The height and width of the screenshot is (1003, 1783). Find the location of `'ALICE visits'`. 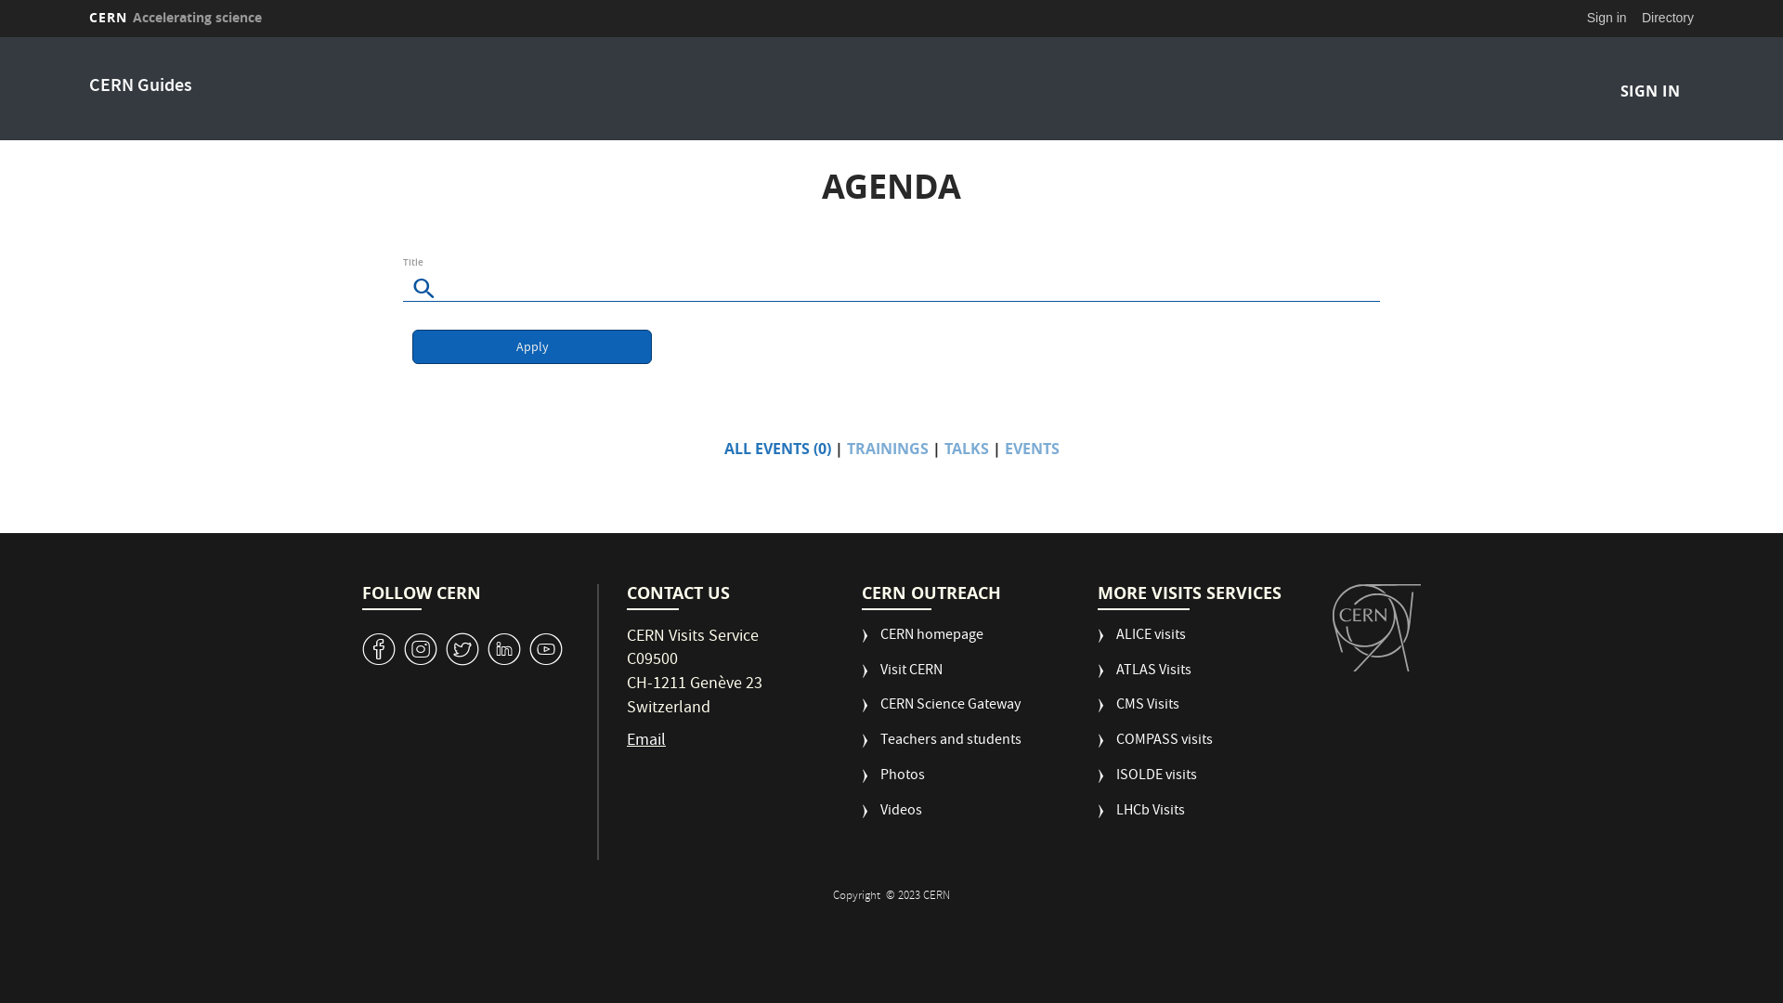

'ALICE visits' is located at coordinates (1140, 643).